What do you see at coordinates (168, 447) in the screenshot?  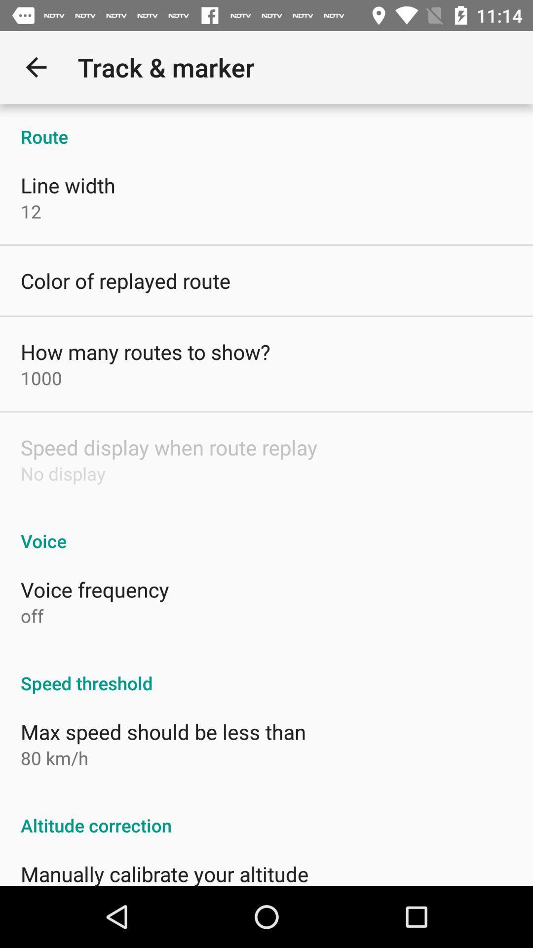 I see `the item below 1000 icon` at bounding box center [168, 447].